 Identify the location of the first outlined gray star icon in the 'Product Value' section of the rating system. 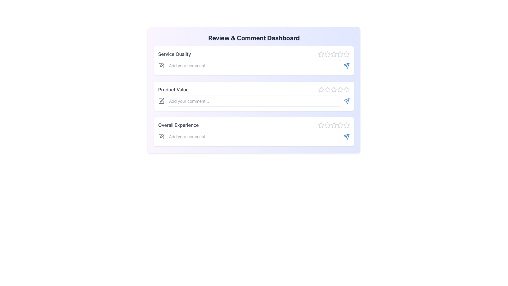
(321, 90).